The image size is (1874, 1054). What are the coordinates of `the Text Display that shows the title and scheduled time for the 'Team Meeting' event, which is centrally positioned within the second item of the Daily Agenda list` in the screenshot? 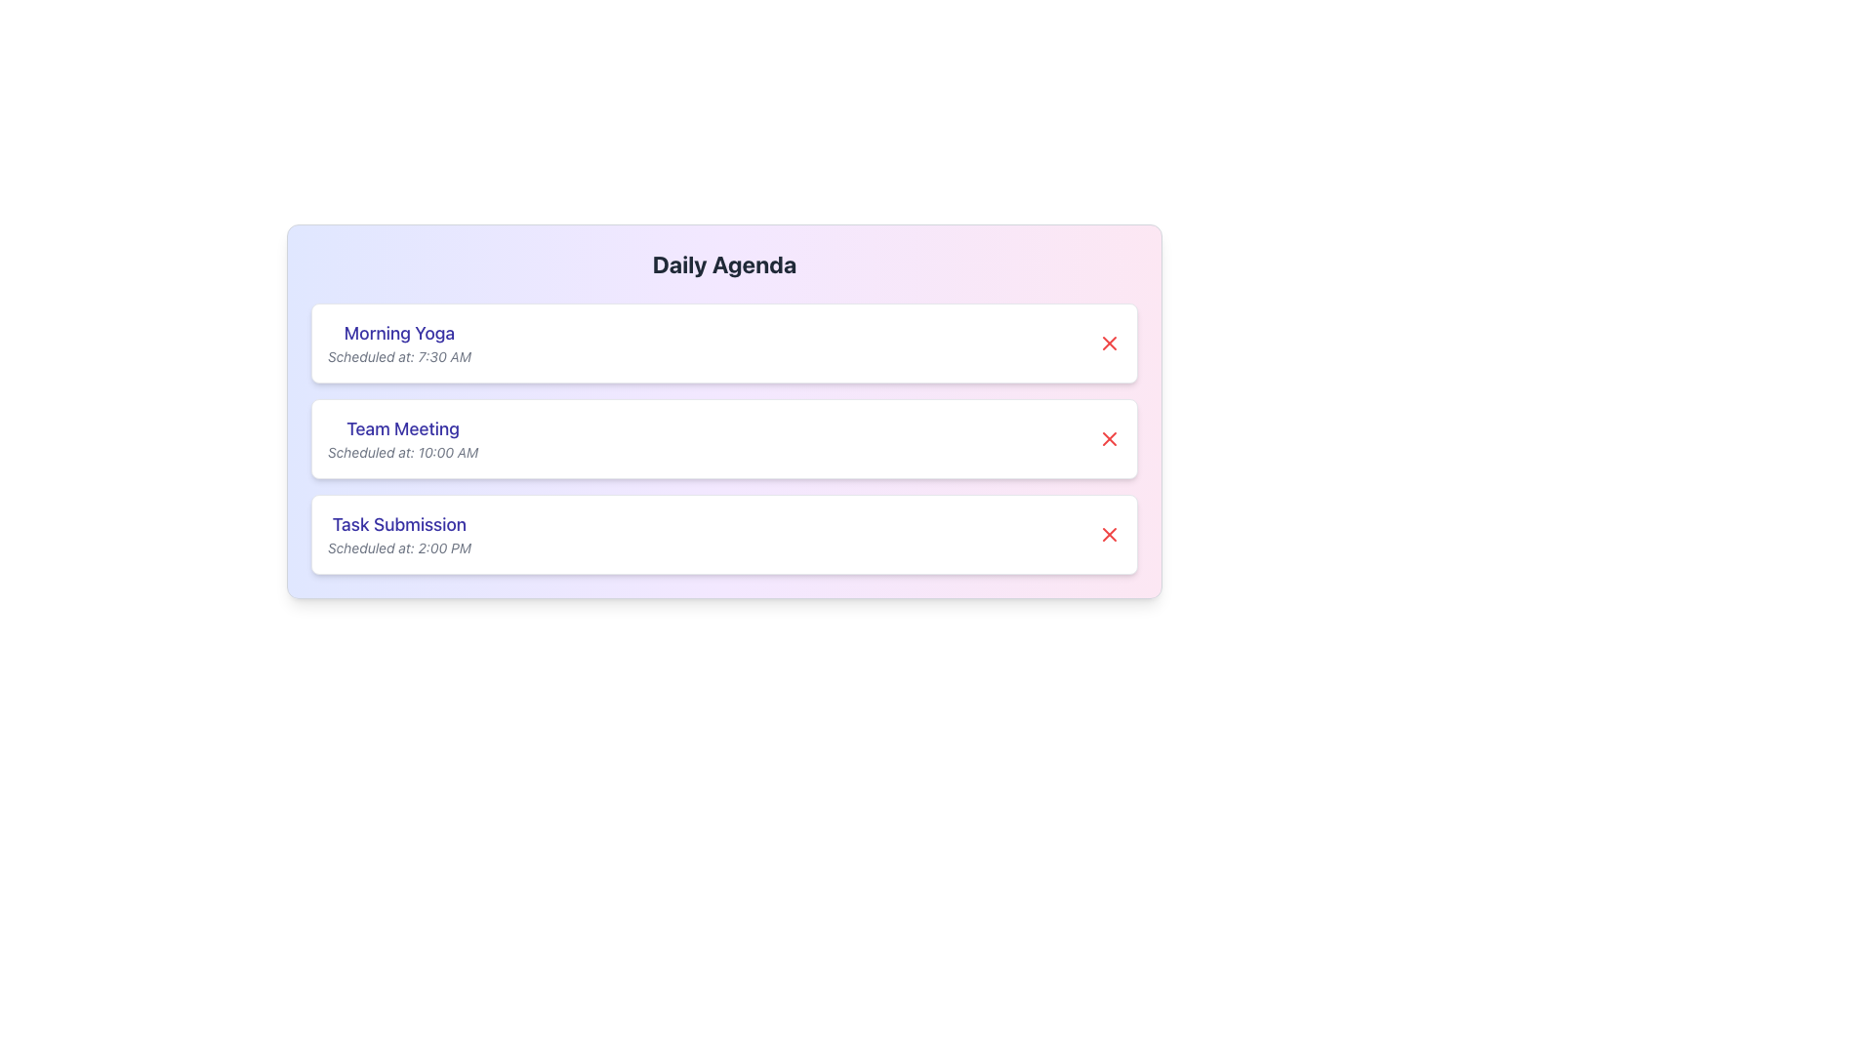 It's located at (402, 439).